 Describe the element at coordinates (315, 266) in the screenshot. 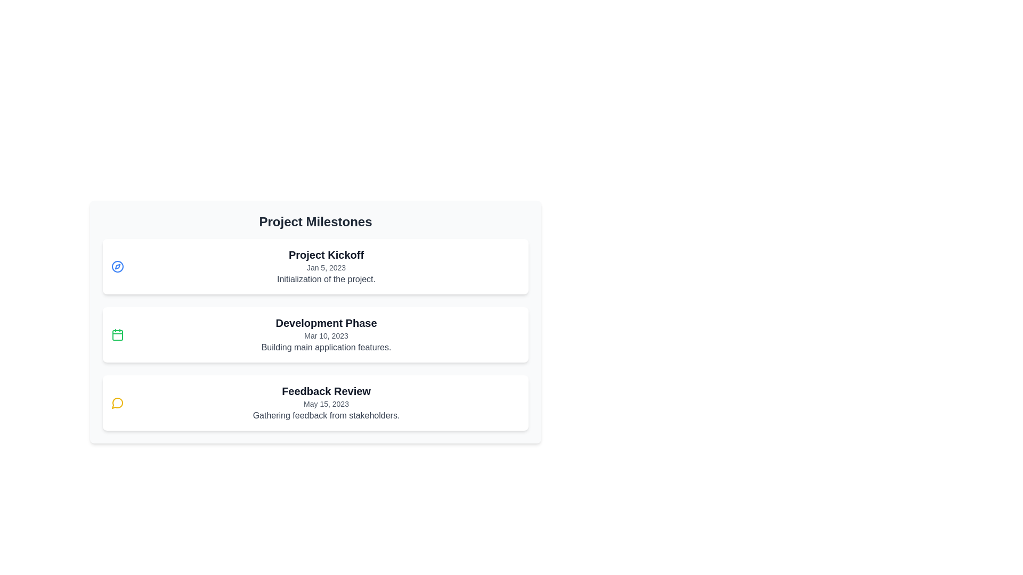

I see `the informational card titled 'Project Kickoff', which is the first card in the vertical list of milestone cards, featuring a white background and rounded corners` at that location.